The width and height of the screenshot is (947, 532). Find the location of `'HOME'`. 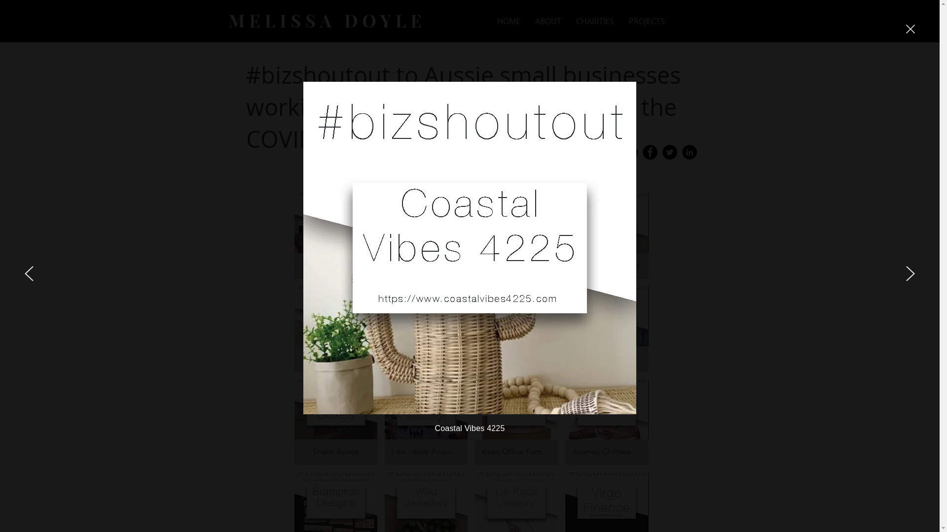

'HOME' is located at coordinates (489, 21).